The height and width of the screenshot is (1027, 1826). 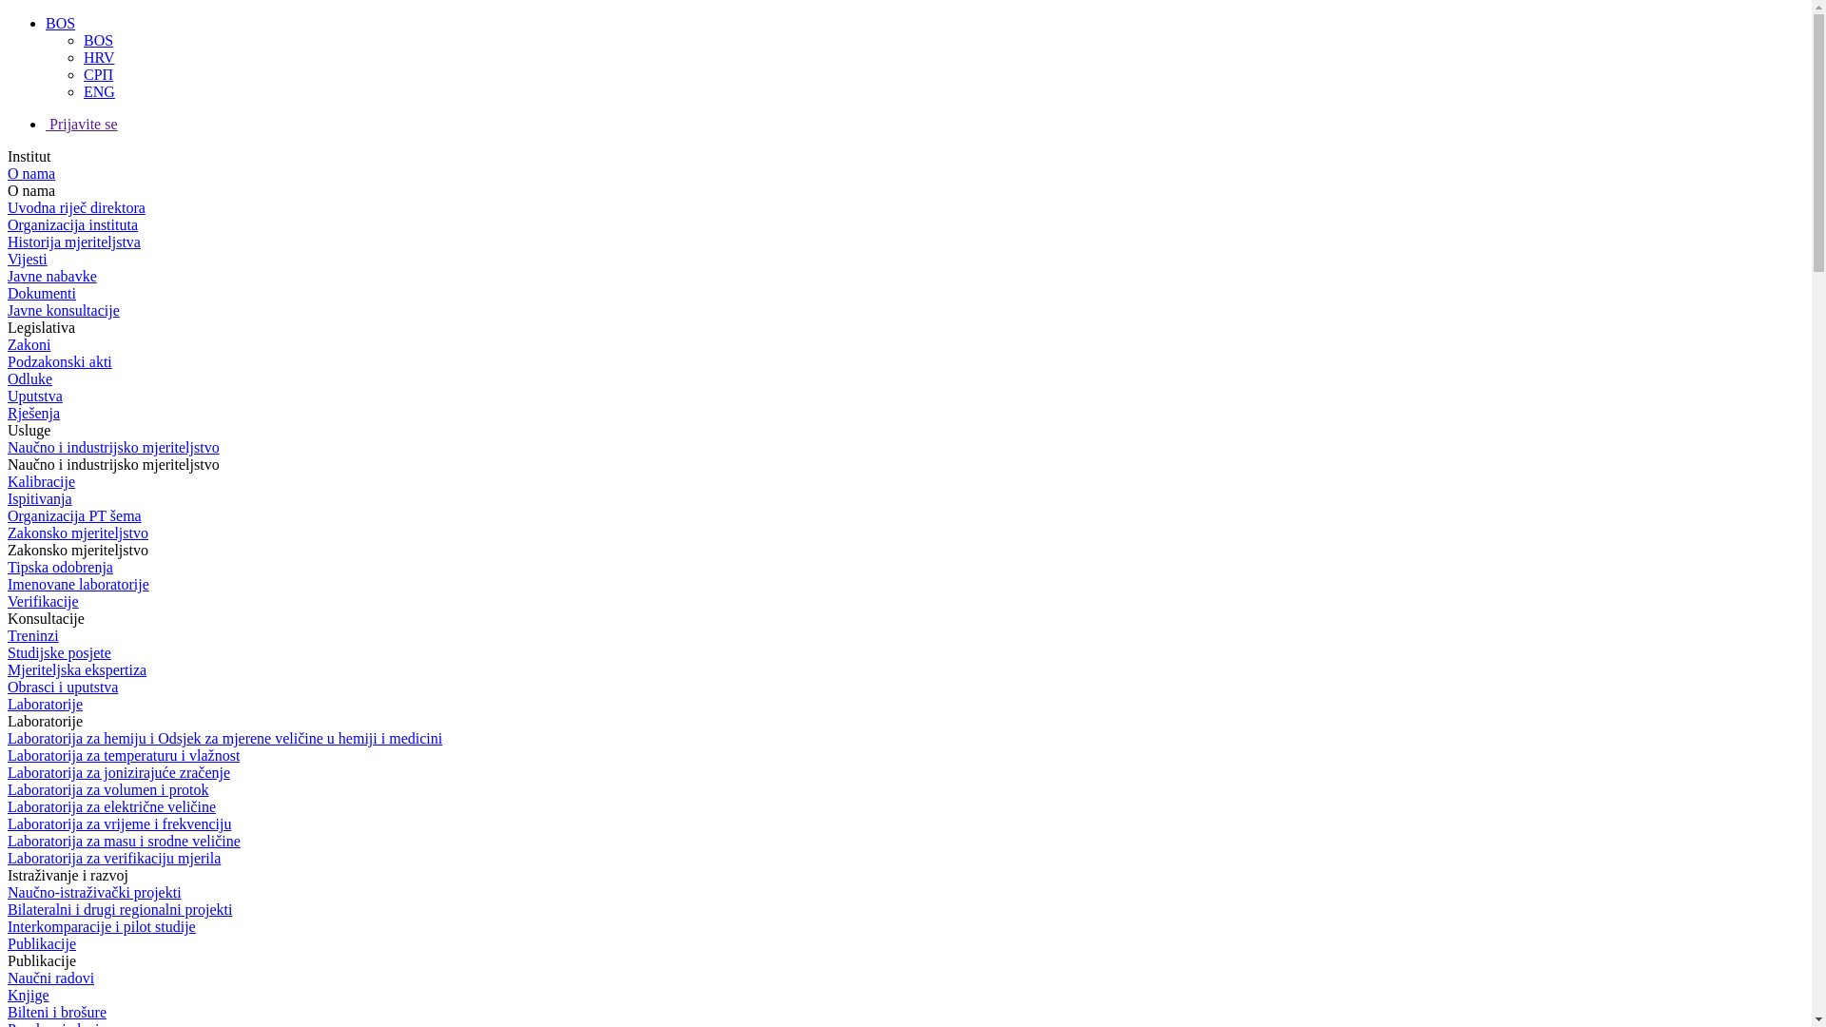 What do you see at coordinates (98, 56) in the screenshot?
I see `'HRV'` at bounding box center [98, 56].